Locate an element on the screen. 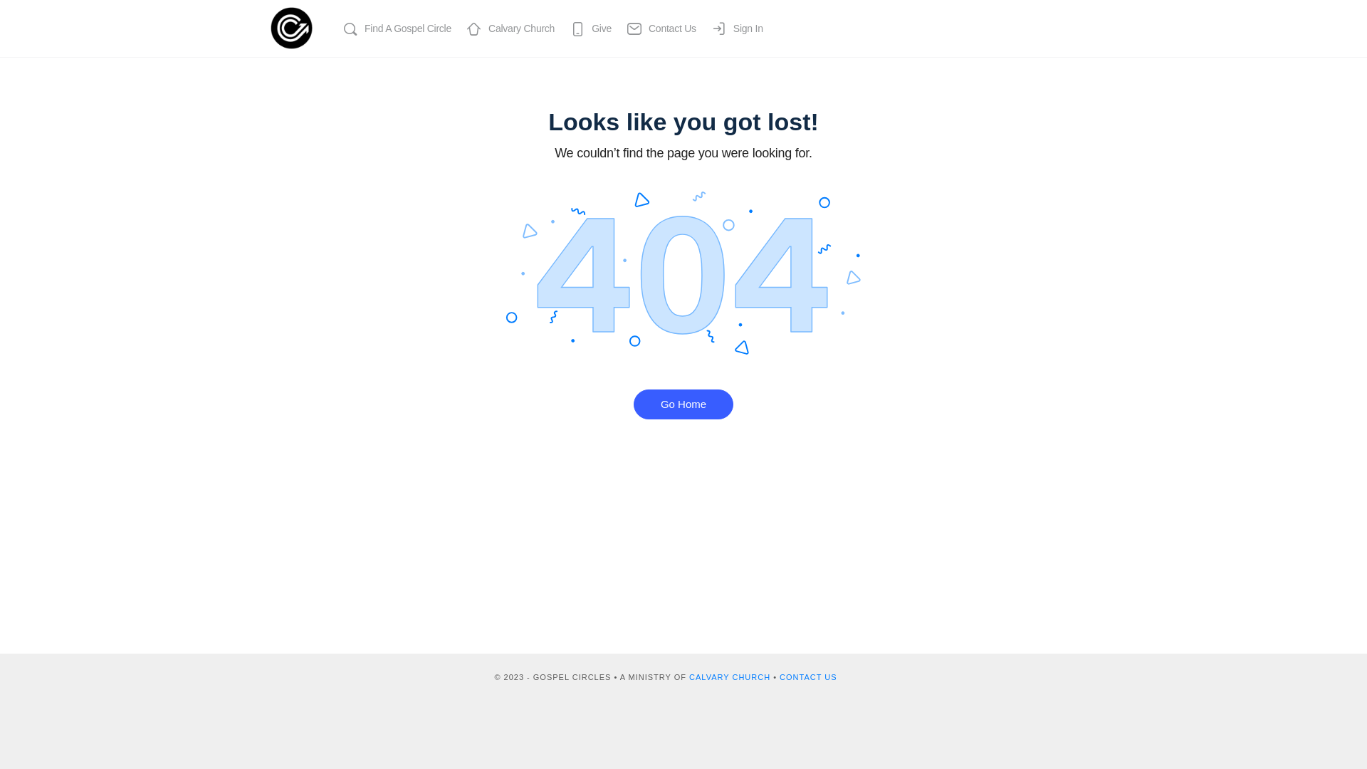  'CONTACT US' is located at coordinates (808, 676).